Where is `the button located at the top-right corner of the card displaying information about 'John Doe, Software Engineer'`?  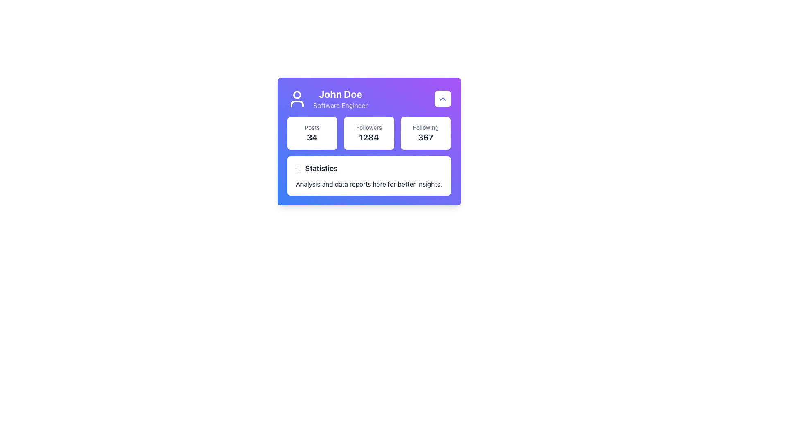
the button located at the top-right corner of the card displaying information about 'John Doe, Software Engineer' is located at coordinates (442, 99).